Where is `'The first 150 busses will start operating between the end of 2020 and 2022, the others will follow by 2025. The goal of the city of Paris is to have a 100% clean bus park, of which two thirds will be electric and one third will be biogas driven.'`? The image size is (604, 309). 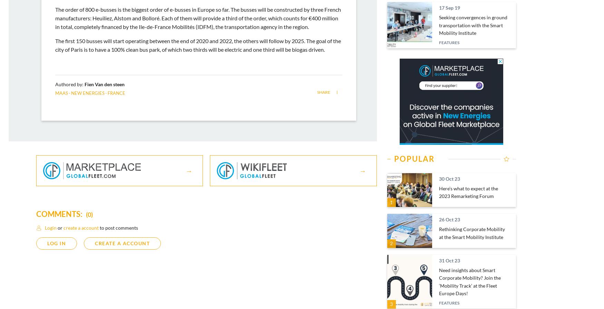
'The first 150 busses will start operating between the end of 2020 and 2022, the others will follow by 2025. The goal of the city of Paris is to have a 100% clean bus park, of which two thirds will be electric and one third will be biogas driven.' is located at coordinates (198, 45).